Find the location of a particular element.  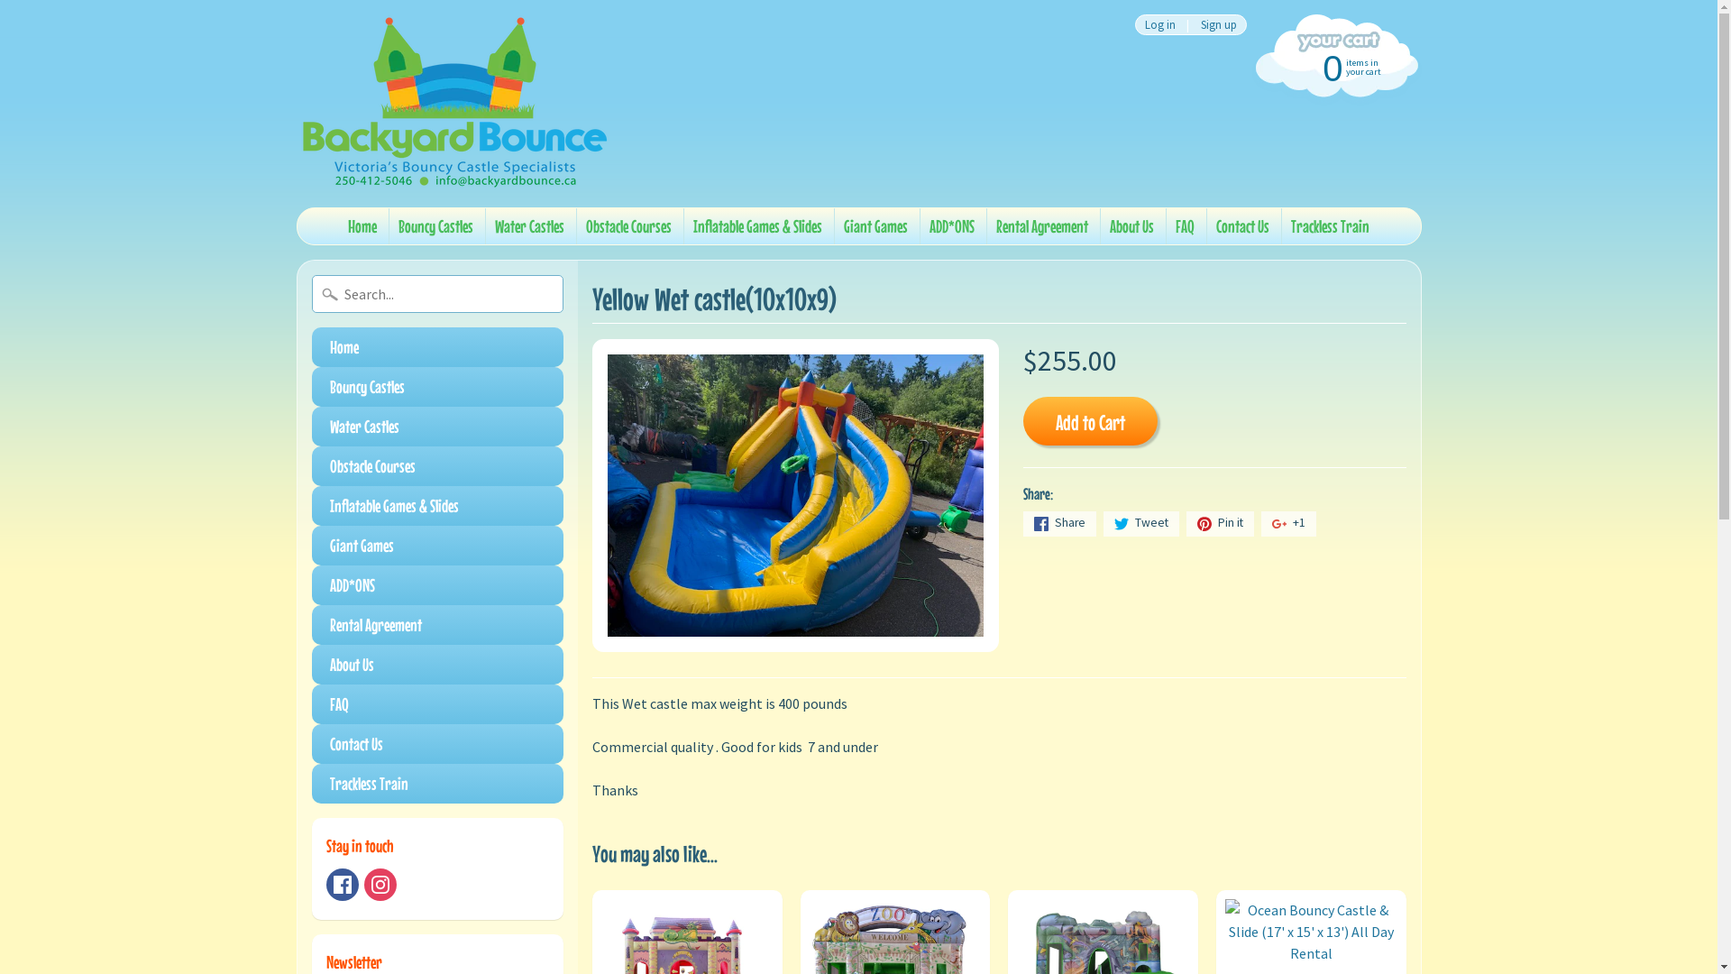

'Instagram' is located at coordinates (380, 883).